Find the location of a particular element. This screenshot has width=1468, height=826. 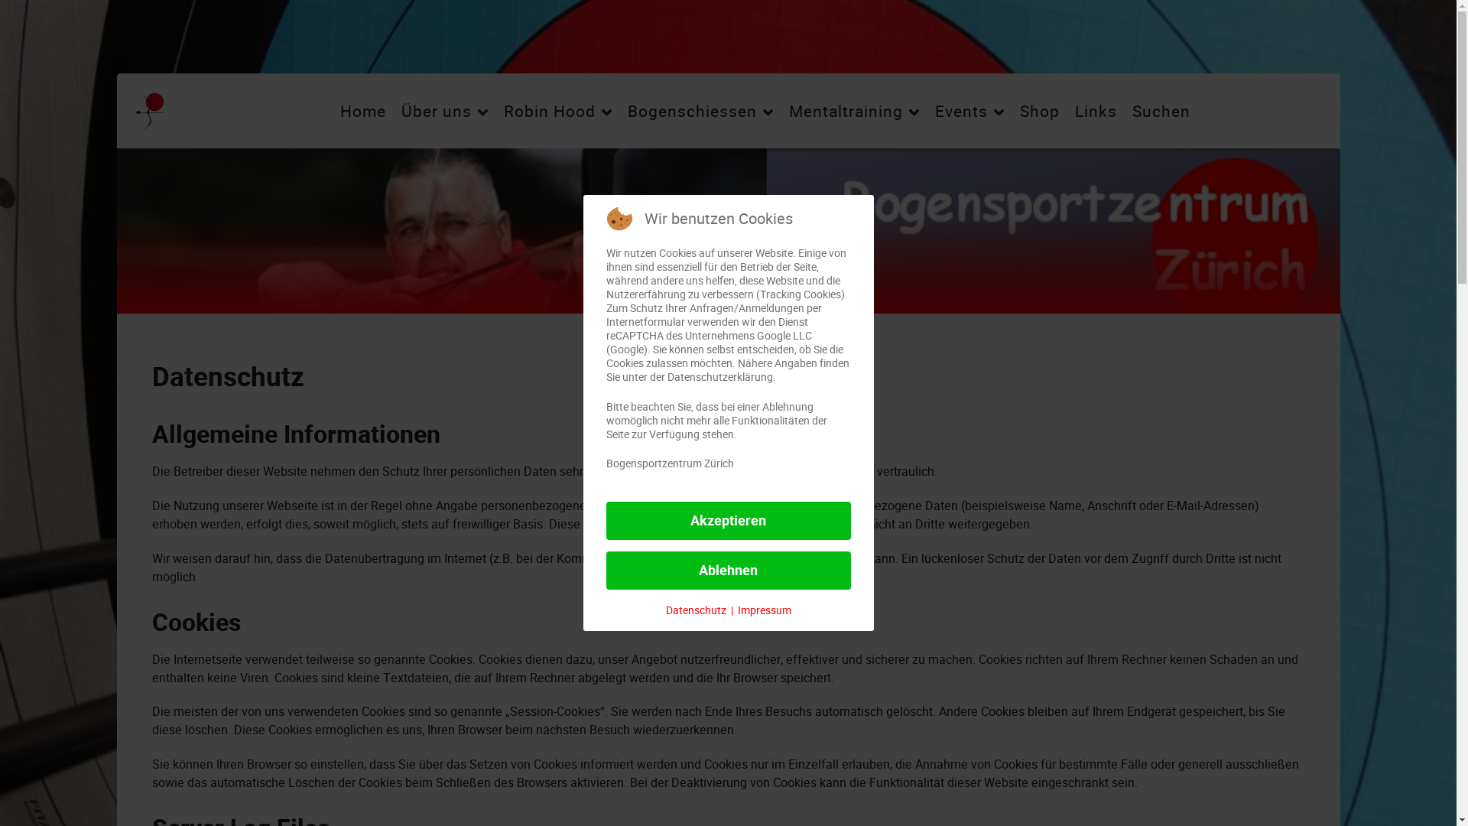

'Suchen' is located at coordinates (1161, 110).